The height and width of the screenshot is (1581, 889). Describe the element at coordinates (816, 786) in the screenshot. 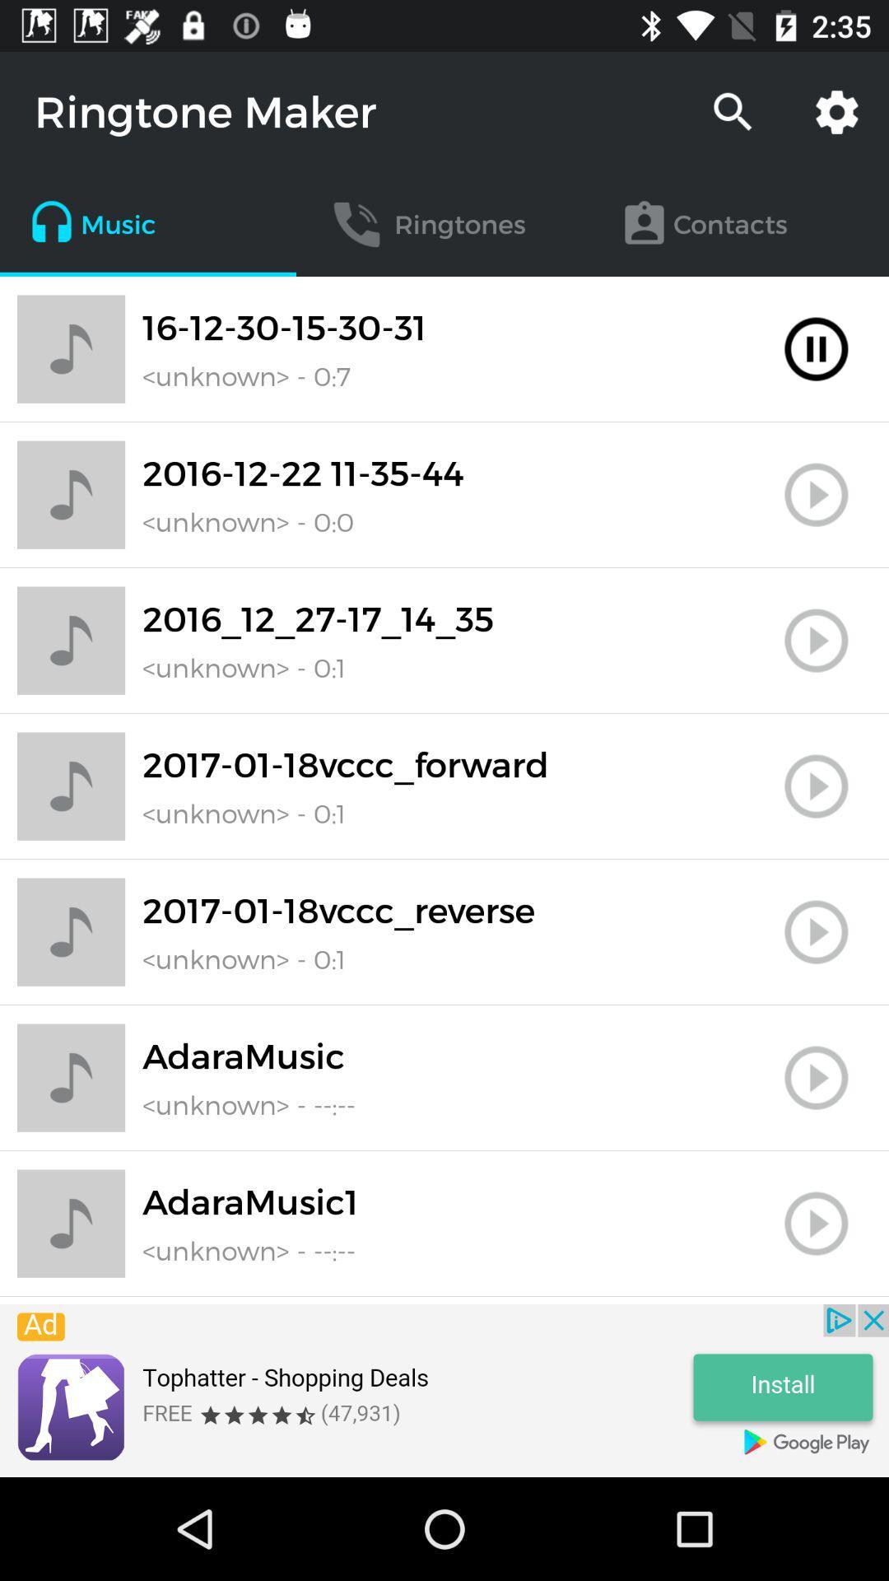

I see `track` at that location.